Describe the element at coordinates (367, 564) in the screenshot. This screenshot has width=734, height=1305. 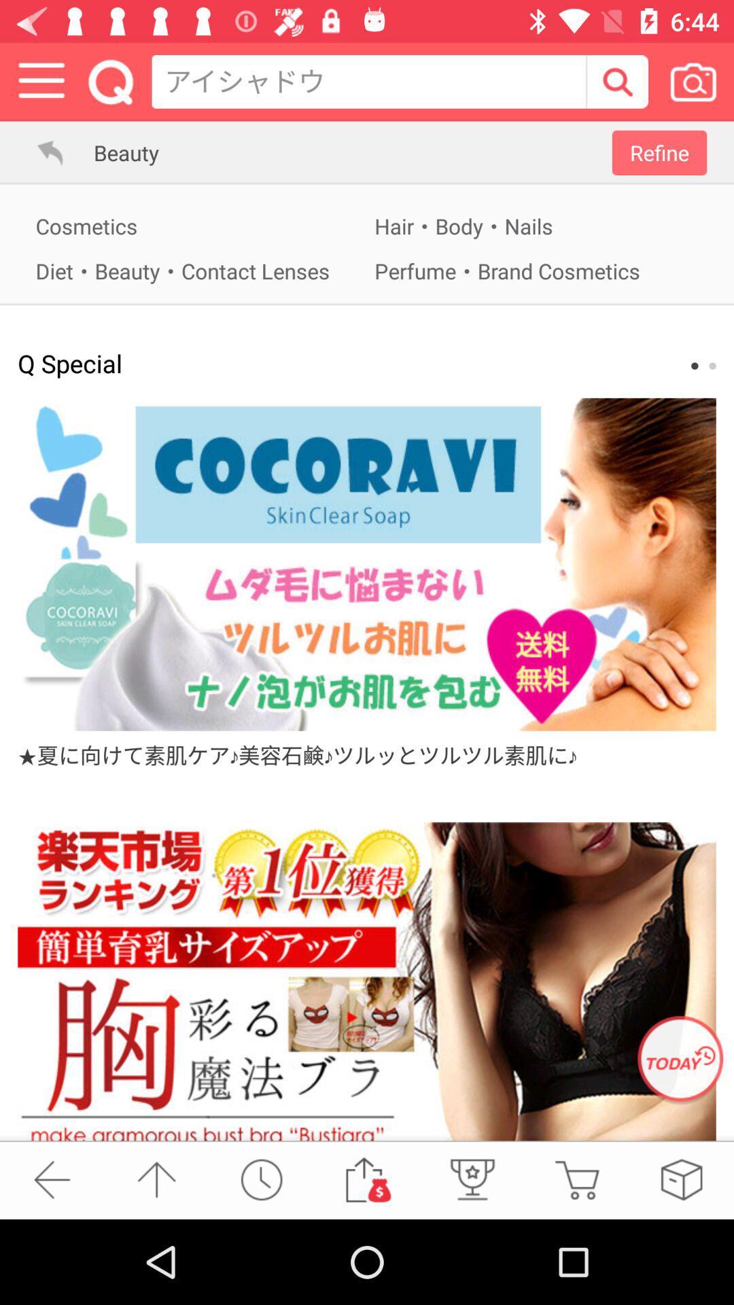
I see `about add` at that location.